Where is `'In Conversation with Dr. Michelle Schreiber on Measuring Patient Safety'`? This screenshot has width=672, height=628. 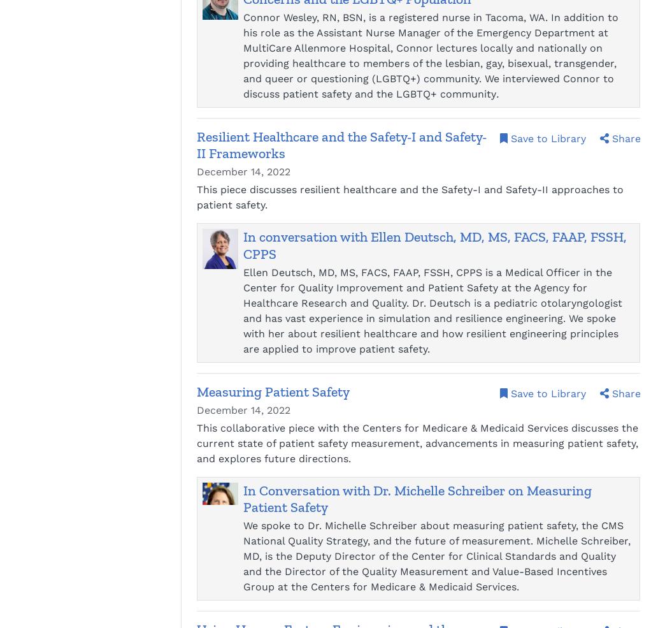
'In Conversation with Dr. Michelle Schreiber on Measuring Patient Safety' is located at coordinates (417, 498).